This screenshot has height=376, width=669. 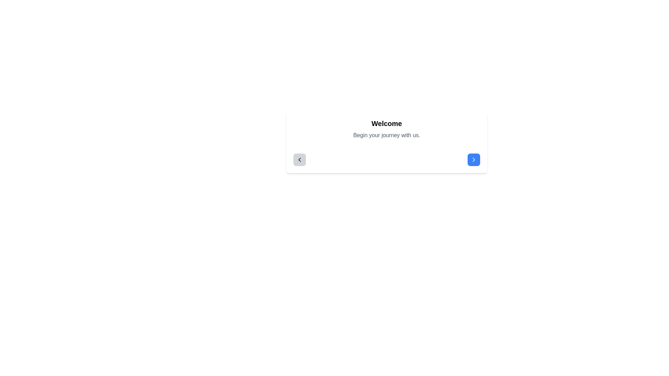 What do you see at coordinates (386, 135) in the screenshot?
I see `the static text element displaying the message 'Begin your journey with us.' which is styled in gray and located below the bold 'Welcome' text` at bounding box center [386, 135].